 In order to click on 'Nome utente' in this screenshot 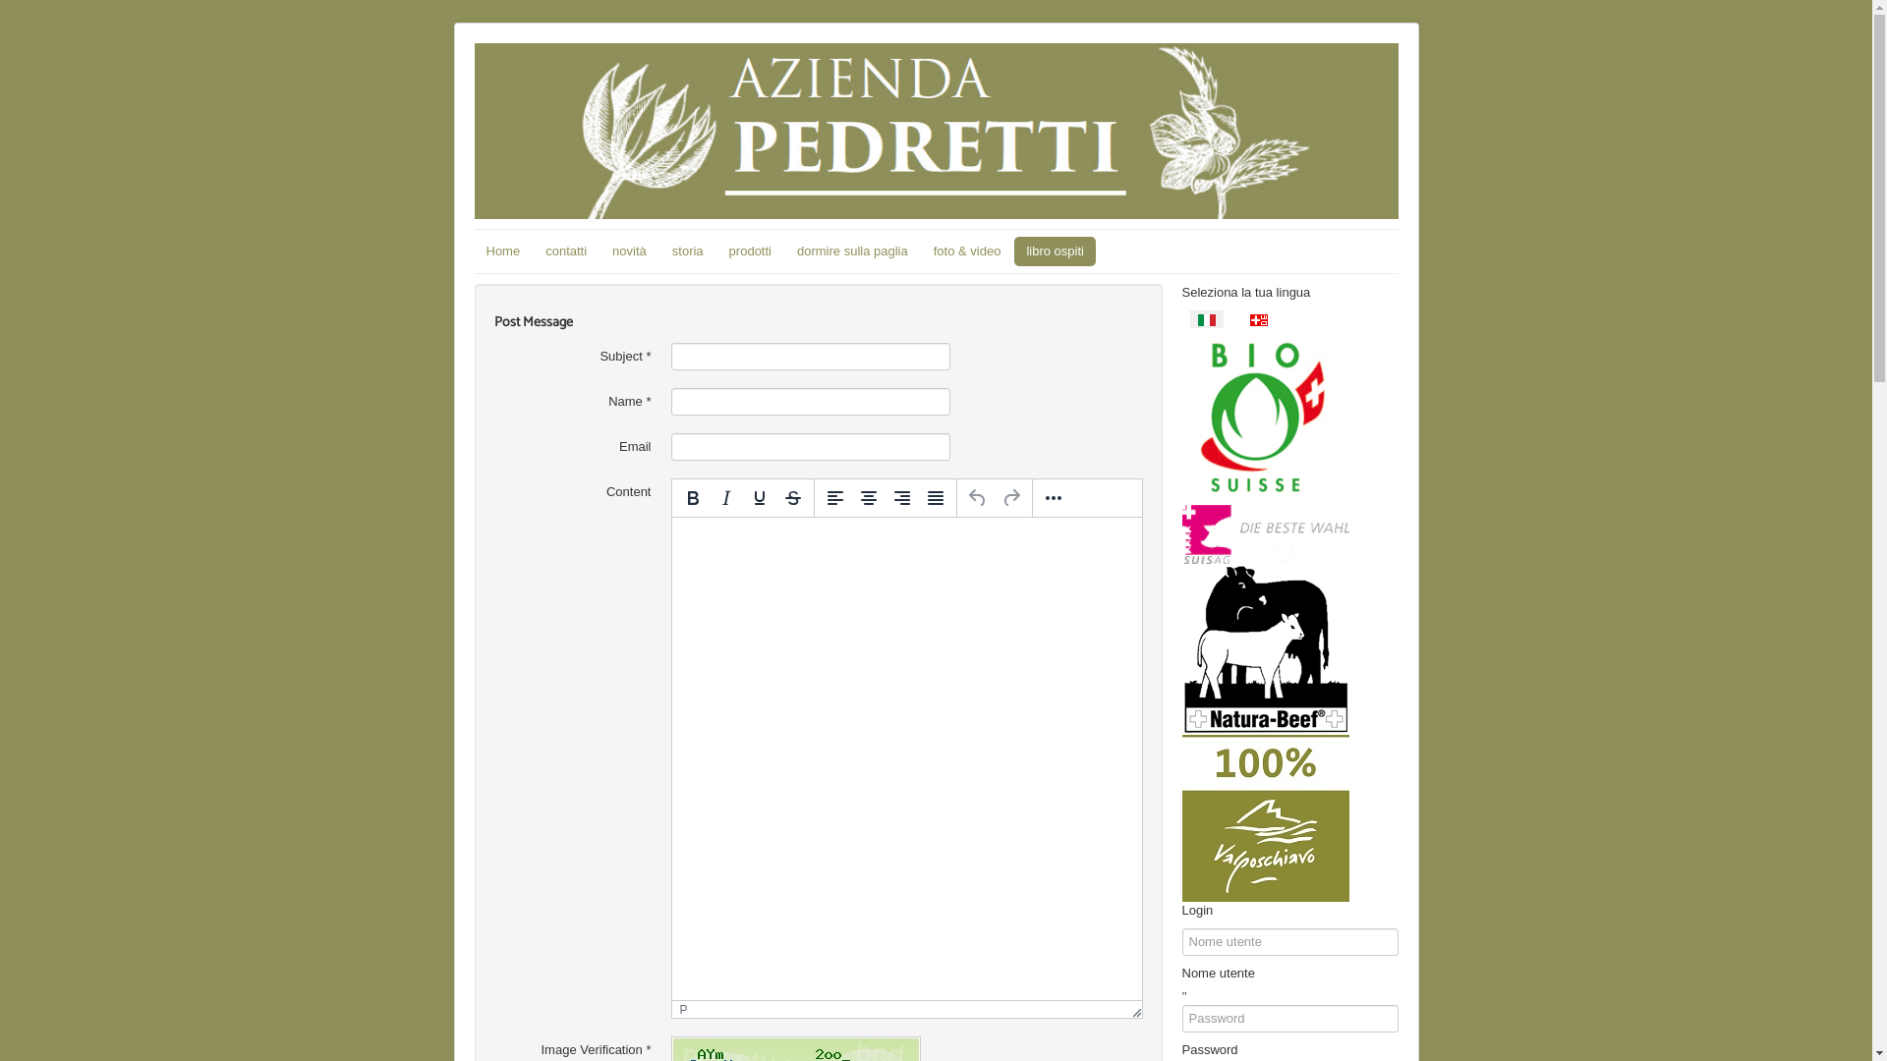, I will do `click(1188, 995)`.